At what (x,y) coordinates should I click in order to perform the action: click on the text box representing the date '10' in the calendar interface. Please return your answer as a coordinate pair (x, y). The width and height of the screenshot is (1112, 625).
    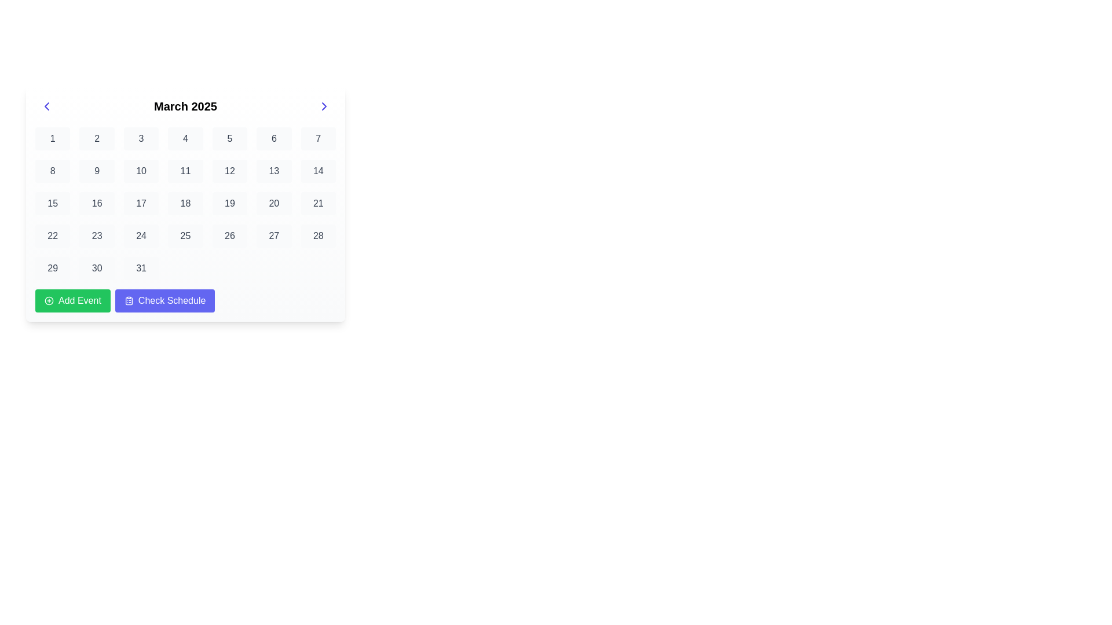
    Looking at the image, I should click on (141, 171).